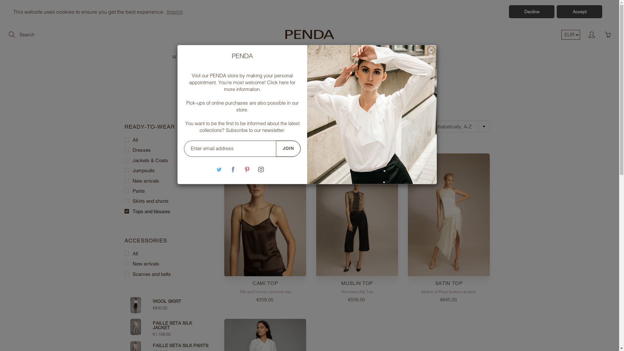 The height and width of the screenshot is (351, 624). Describe the element at coordinates (261, 169) in the screenshot. I see `'Instagram'` at that location.